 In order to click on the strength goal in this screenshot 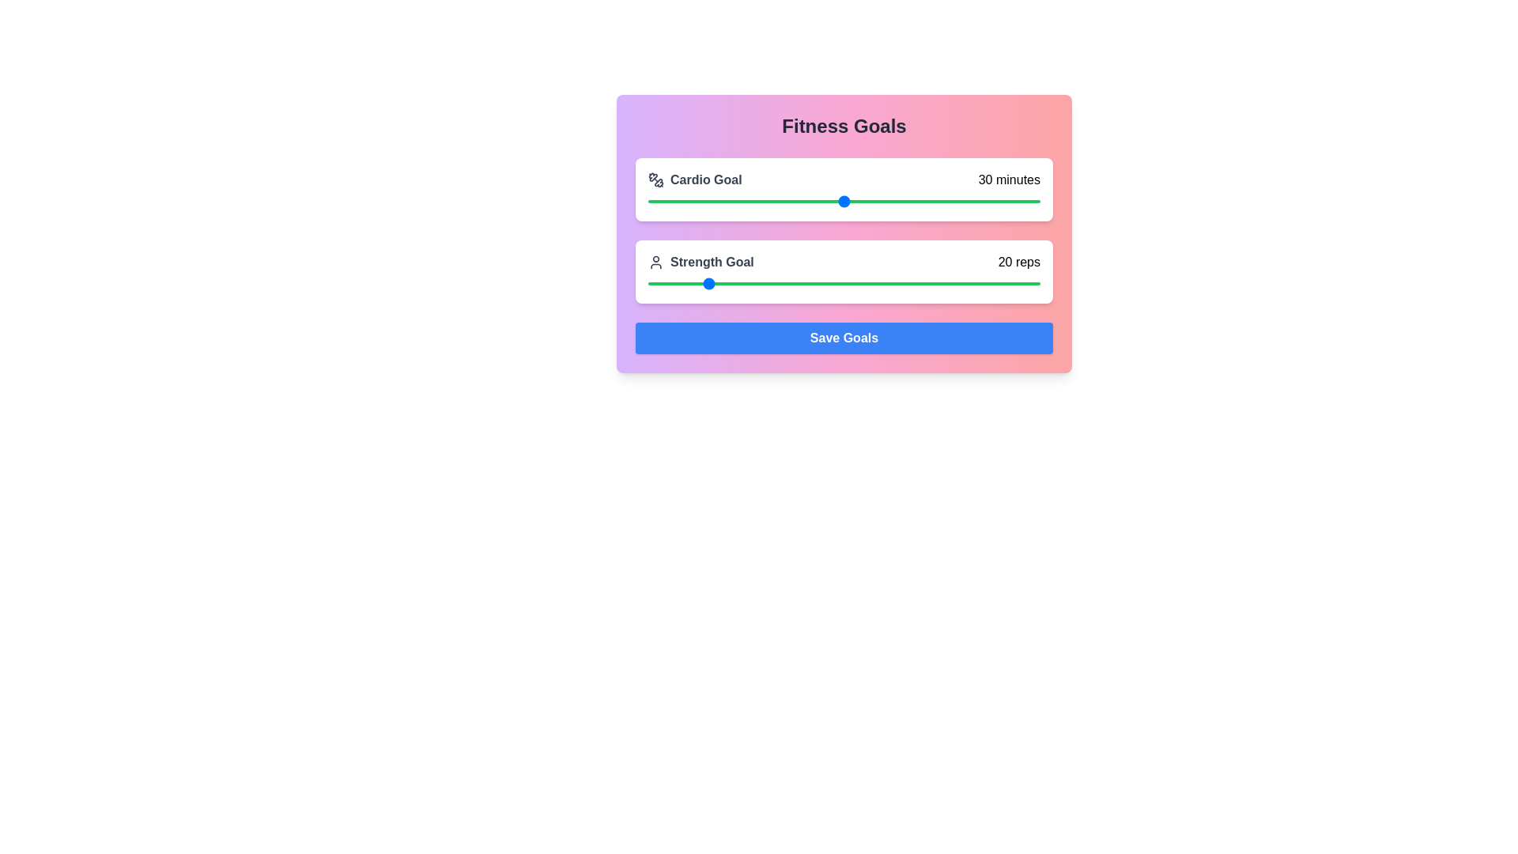, I will do `click(703, 282)`.